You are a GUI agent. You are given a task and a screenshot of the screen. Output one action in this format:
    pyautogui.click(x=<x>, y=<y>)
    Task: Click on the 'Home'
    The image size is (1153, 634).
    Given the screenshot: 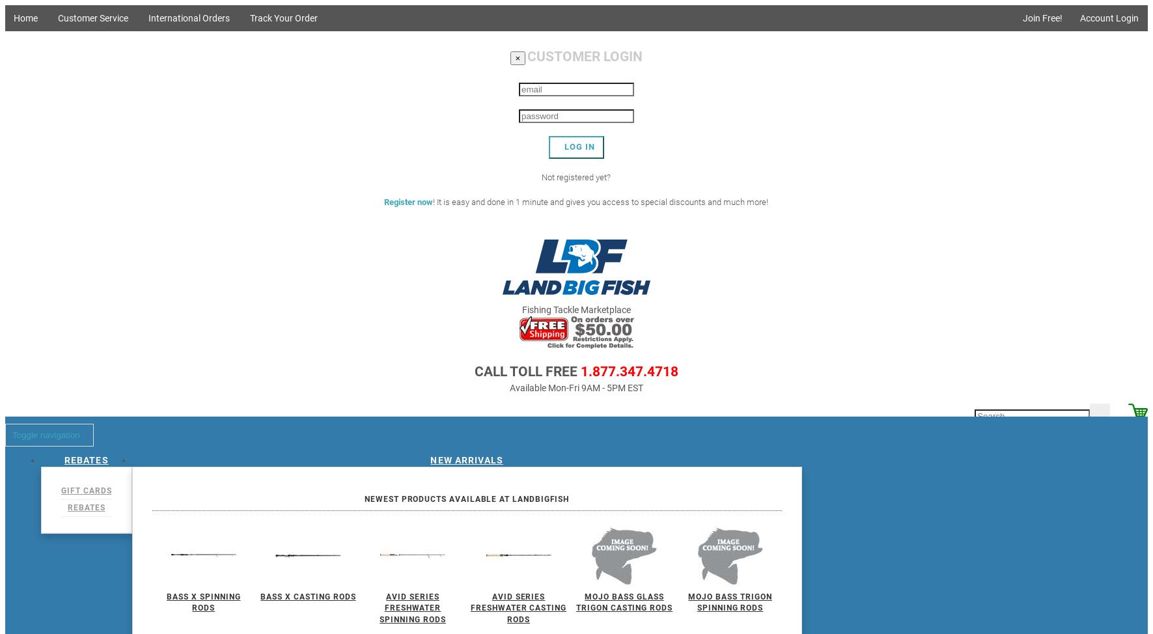 What is the action you would take?
    pyautogui.click(x=24, y=18)
    